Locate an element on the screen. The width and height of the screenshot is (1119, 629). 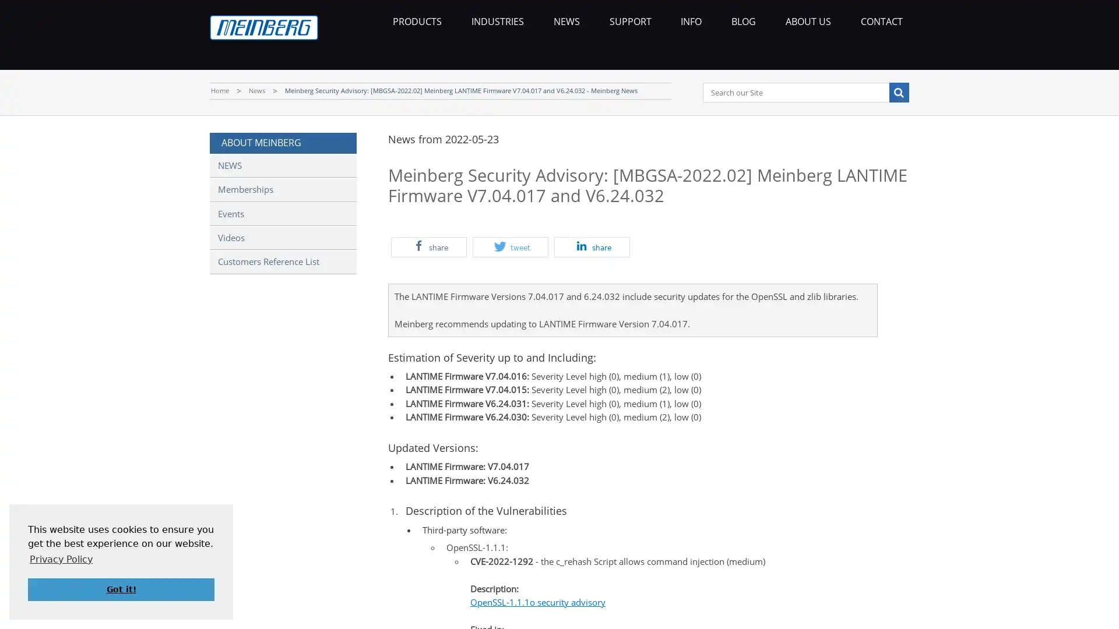
Share on LinkedIn is located at coordinates (592, 246).